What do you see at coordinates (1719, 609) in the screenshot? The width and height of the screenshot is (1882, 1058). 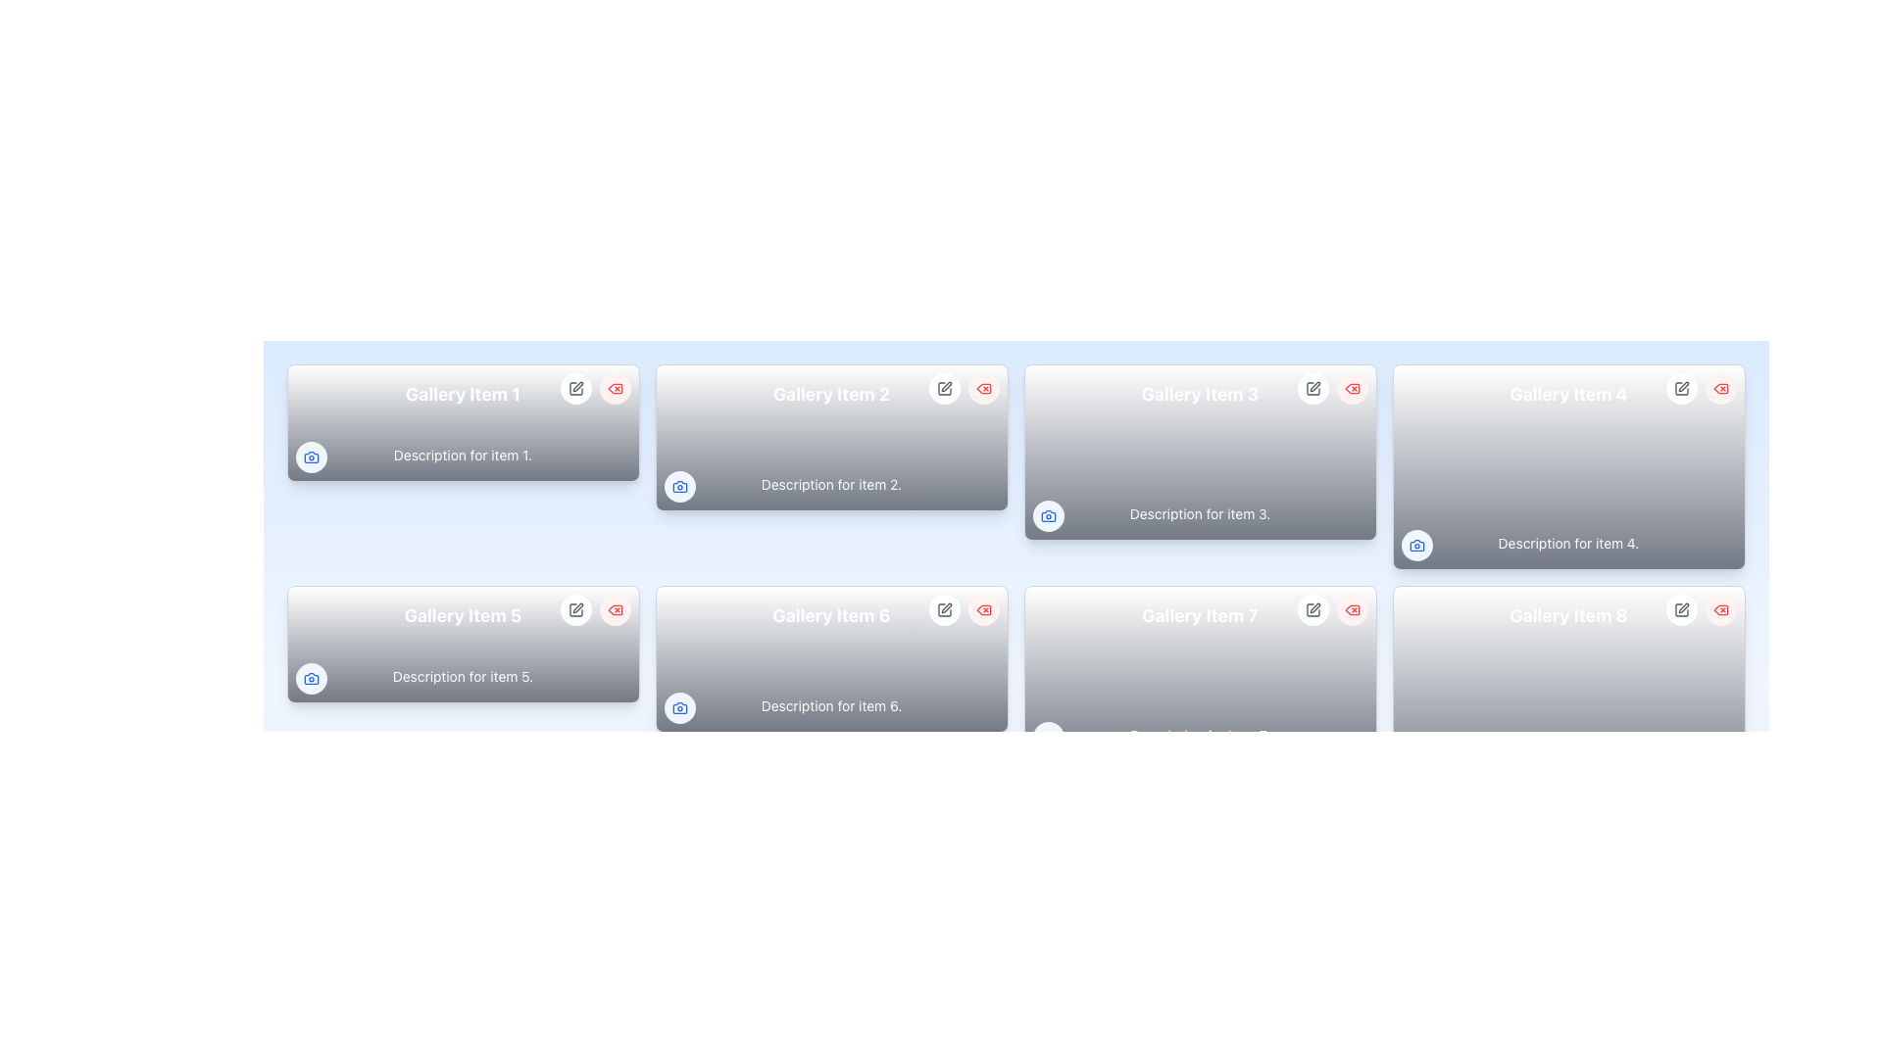 I see `the circular delete button with a light red background located at the top-right corner of the 'Gallery Item 8' card to initiate a delete action` at bounding box center [1719, 609].